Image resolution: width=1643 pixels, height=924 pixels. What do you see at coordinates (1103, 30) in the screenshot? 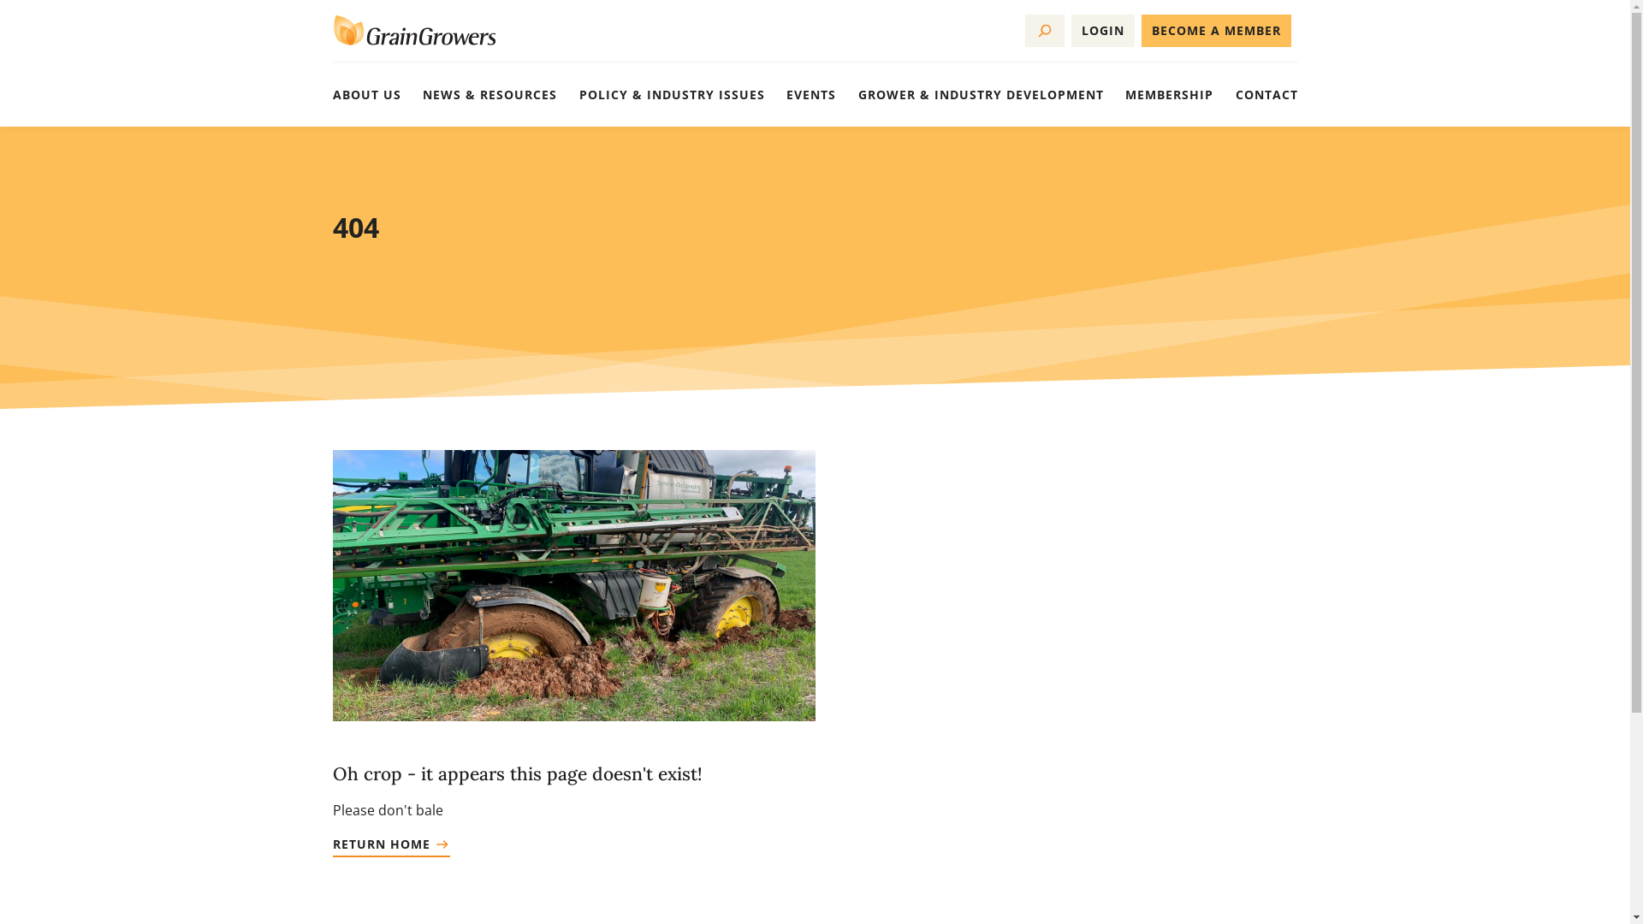
I see `'LOGIN'` at bounding box center [1103, 30].